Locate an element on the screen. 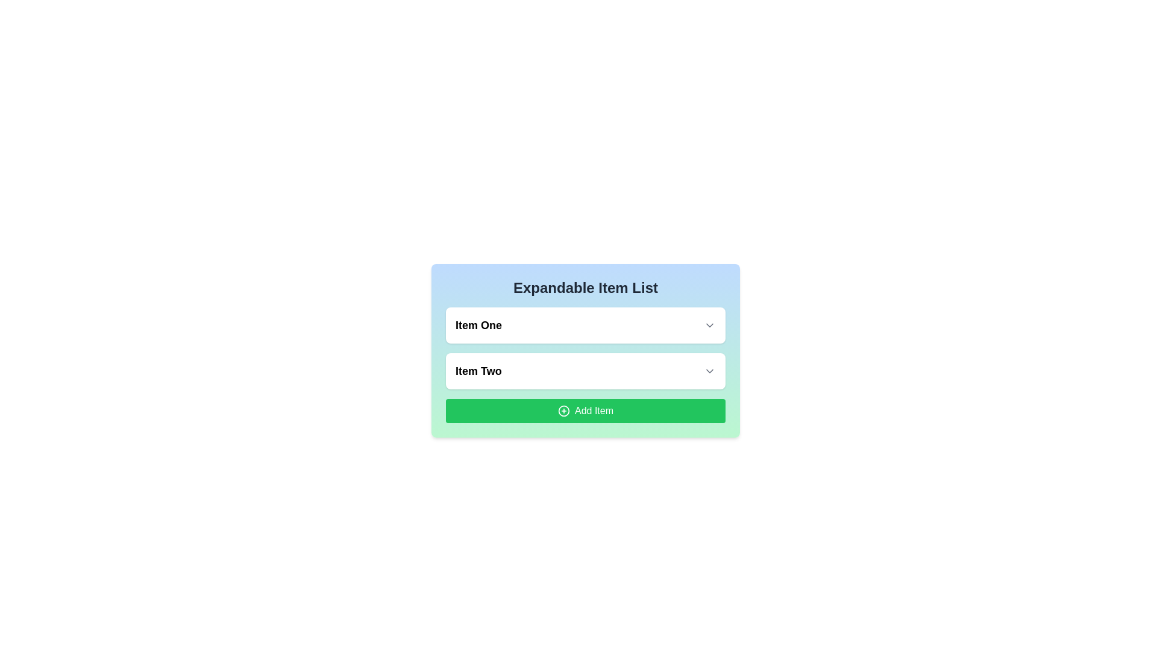 This screenshot has width=1157, height=651. the dropdown list item labeled 'Item One' is located at coordinates (585, 325).